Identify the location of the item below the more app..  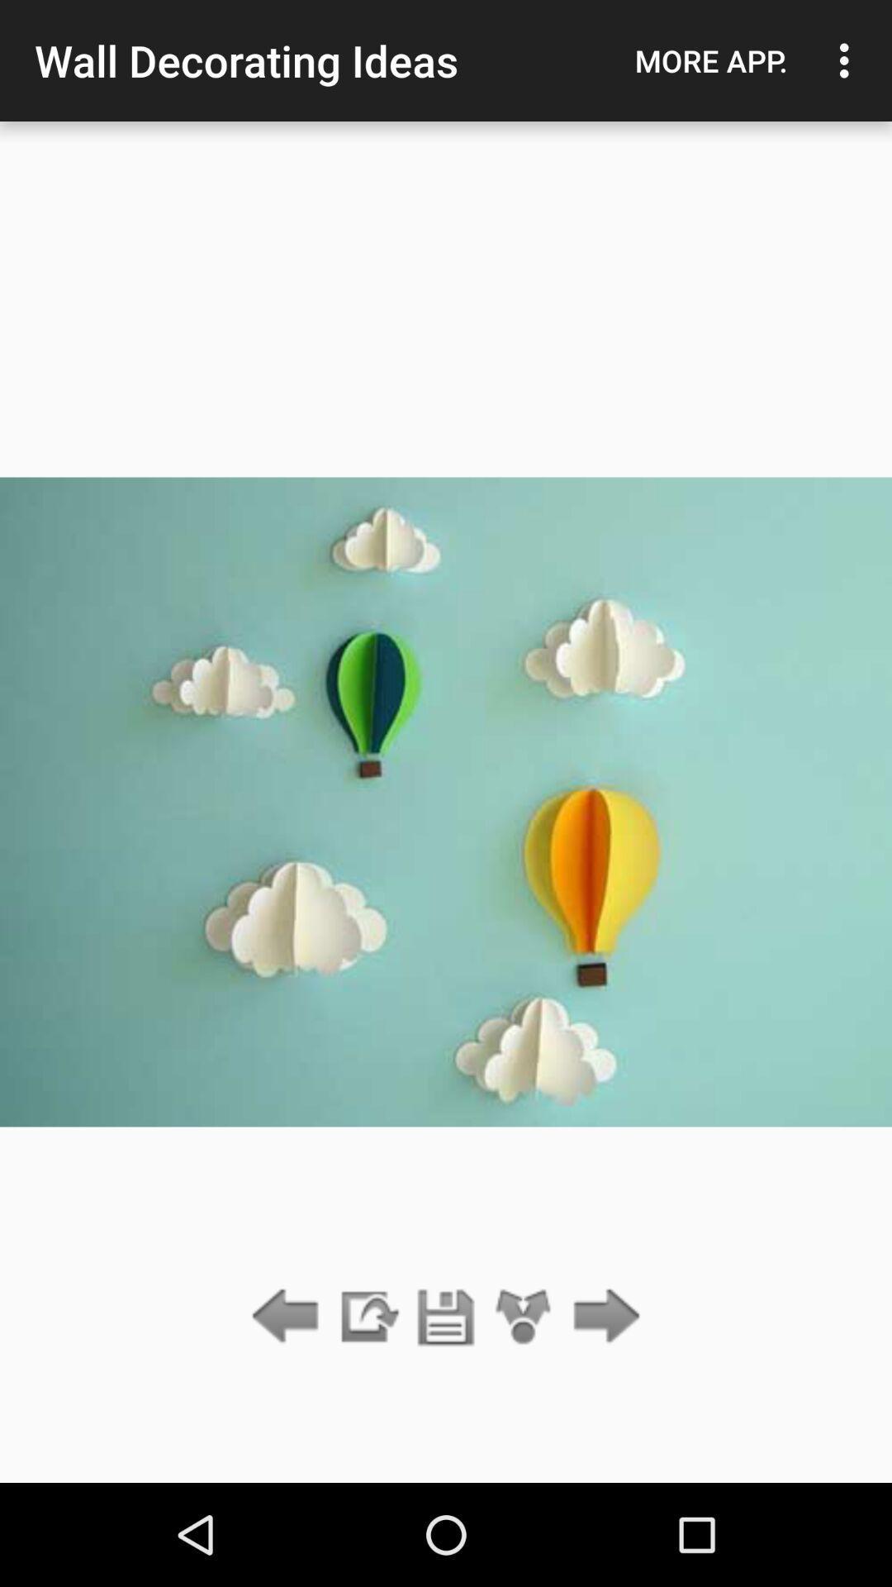
(602, 1317).